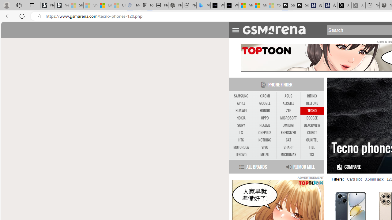  I want to click on 'MICROMAX', so click(288, 154).